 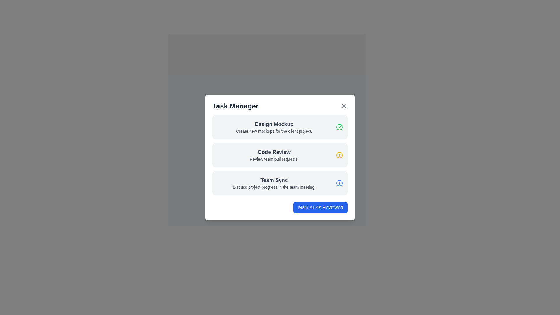 I want to click on the title text label of the task located in the third task block of the 'Task Manager' modal dialog, which summarizes the task details, so click(x=274, y=180).